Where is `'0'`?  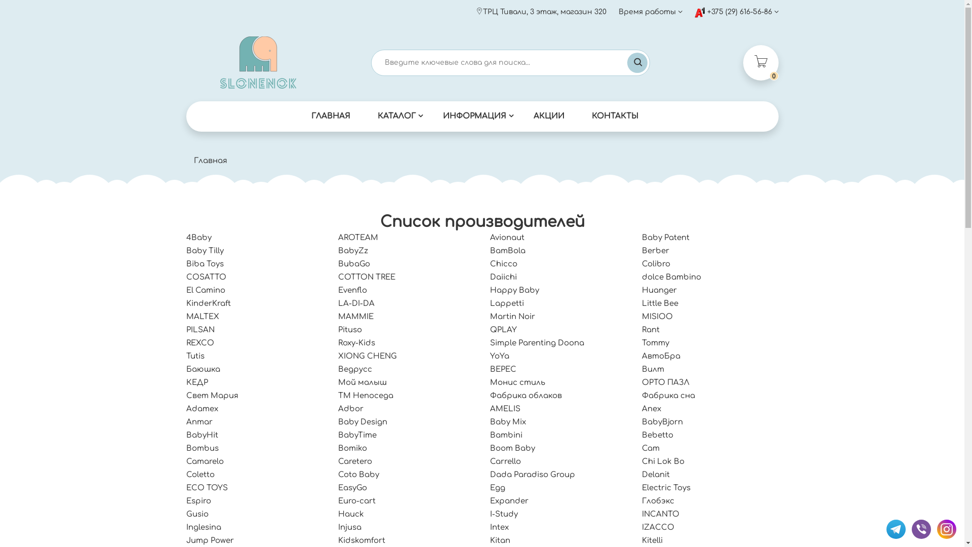
'0' is located at coordinates (760, 62).